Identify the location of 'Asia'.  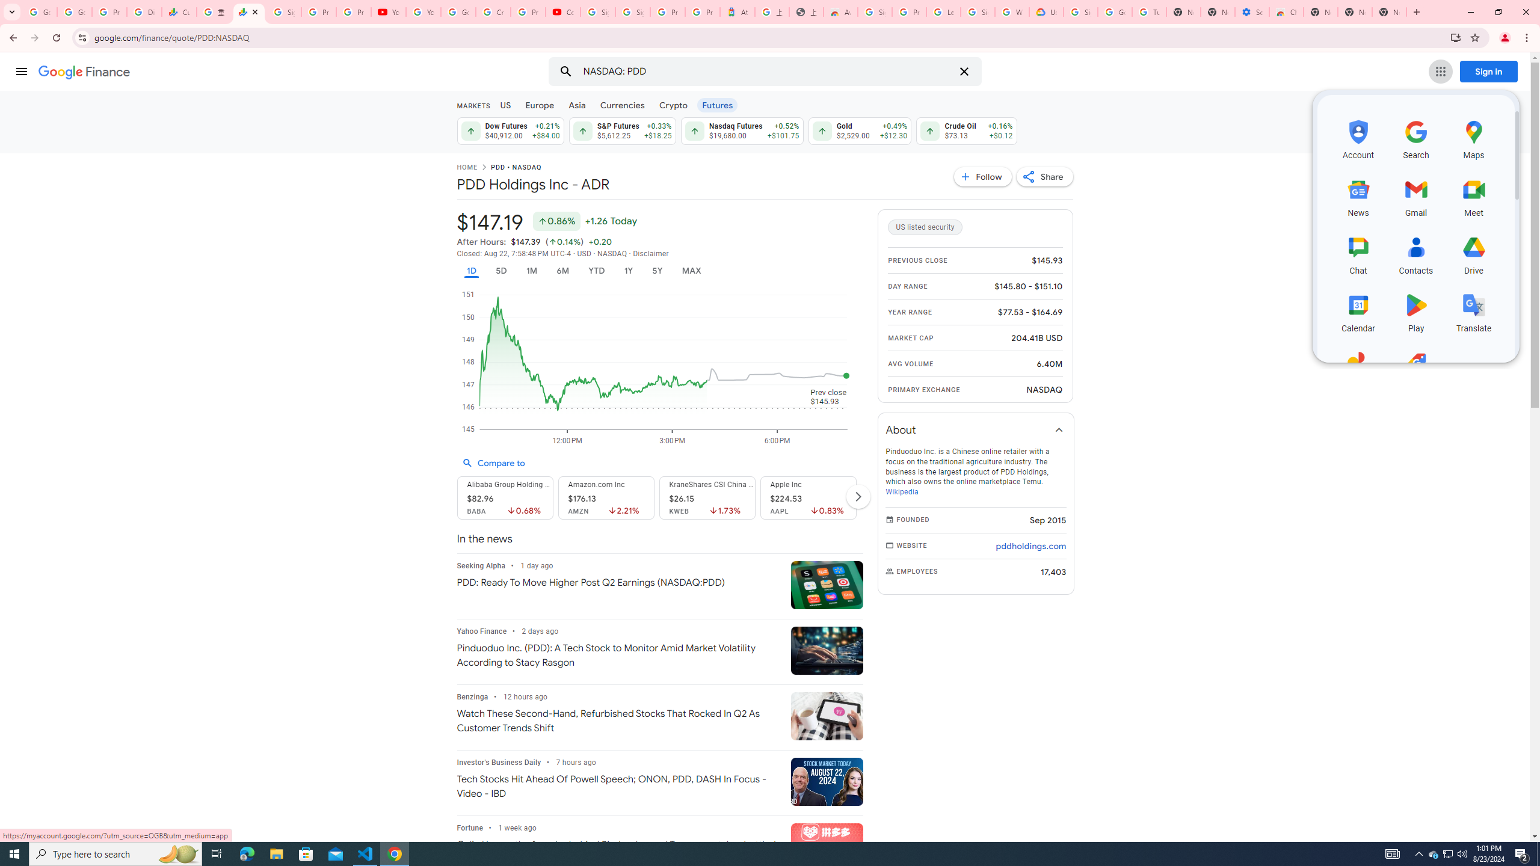
(577, 104).